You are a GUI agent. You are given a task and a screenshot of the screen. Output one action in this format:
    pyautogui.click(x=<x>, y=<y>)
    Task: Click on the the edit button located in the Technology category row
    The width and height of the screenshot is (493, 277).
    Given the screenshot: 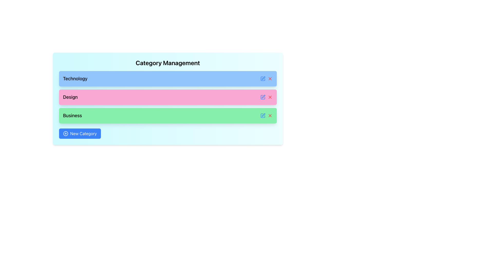 What is the action you would take?
    pyautogui.click(x=263, y=79)
    